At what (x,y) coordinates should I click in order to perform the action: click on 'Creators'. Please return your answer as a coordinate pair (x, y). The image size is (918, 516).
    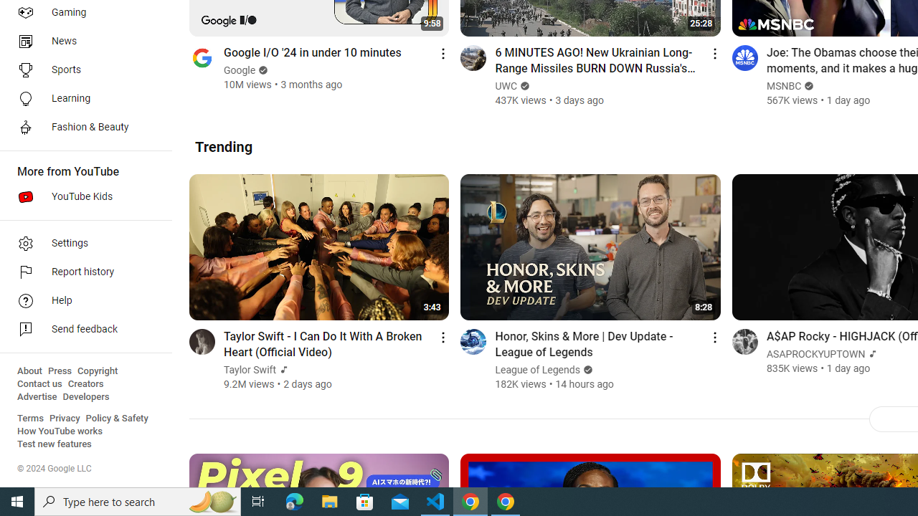
    Looking at the image, I should click on (85, 383).